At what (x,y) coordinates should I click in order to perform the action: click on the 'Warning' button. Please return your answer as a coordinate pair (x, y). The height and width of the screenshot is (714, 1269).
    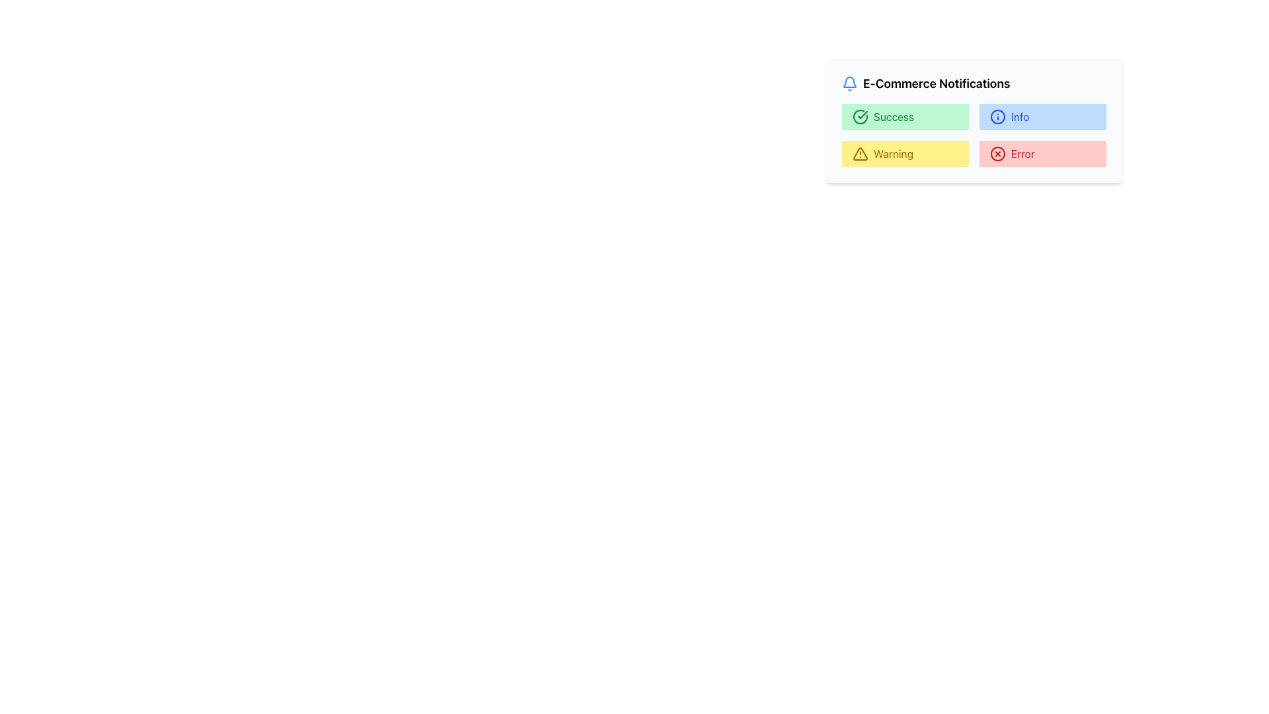
    Looking at the image, I should click on (974, 153).